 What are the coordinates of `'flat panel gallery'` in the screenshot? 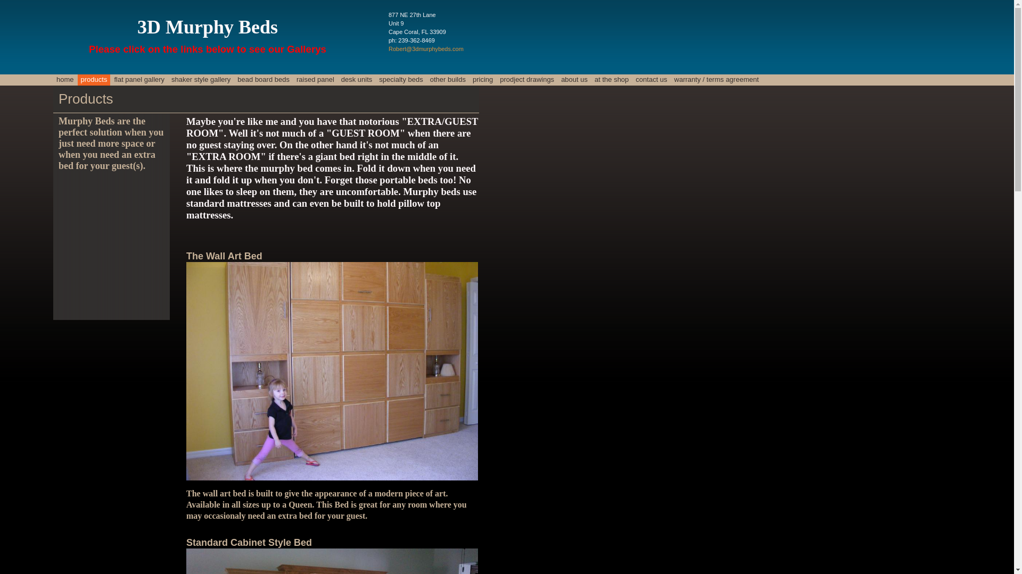 It's located at (138, 79).